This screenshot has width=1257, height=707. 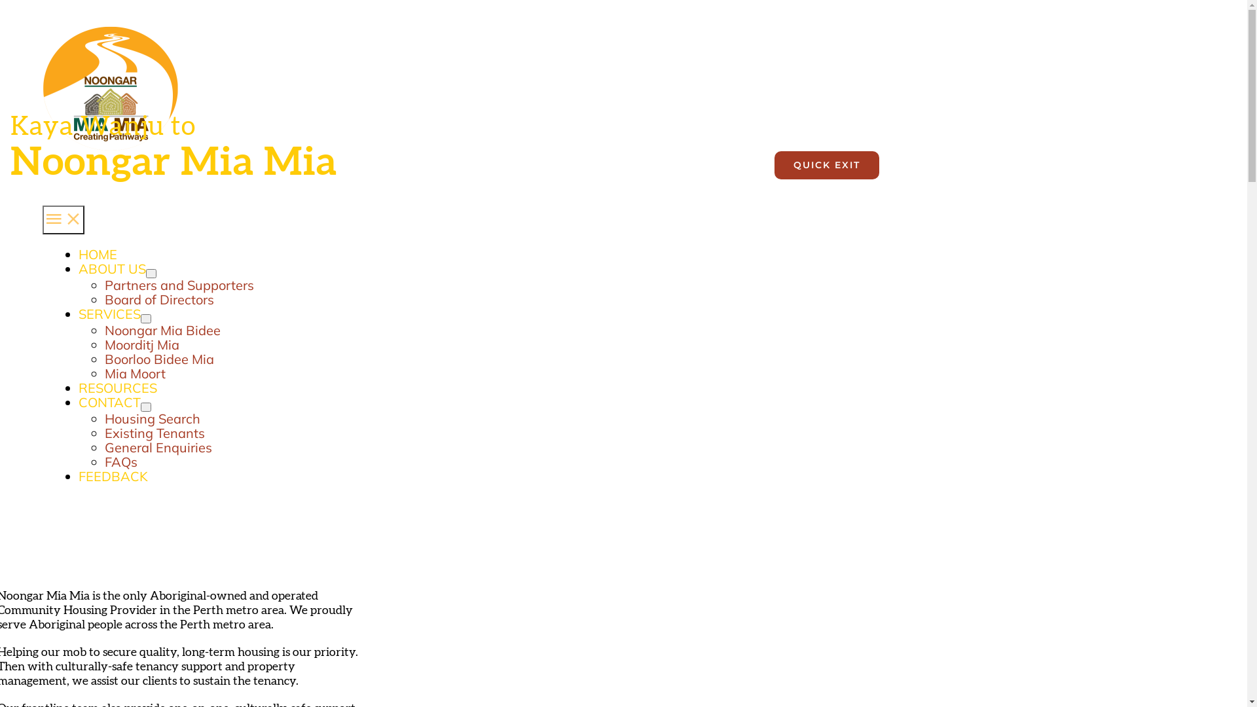 I want to click on 'General Enquiries', so click(x=157, y=446).